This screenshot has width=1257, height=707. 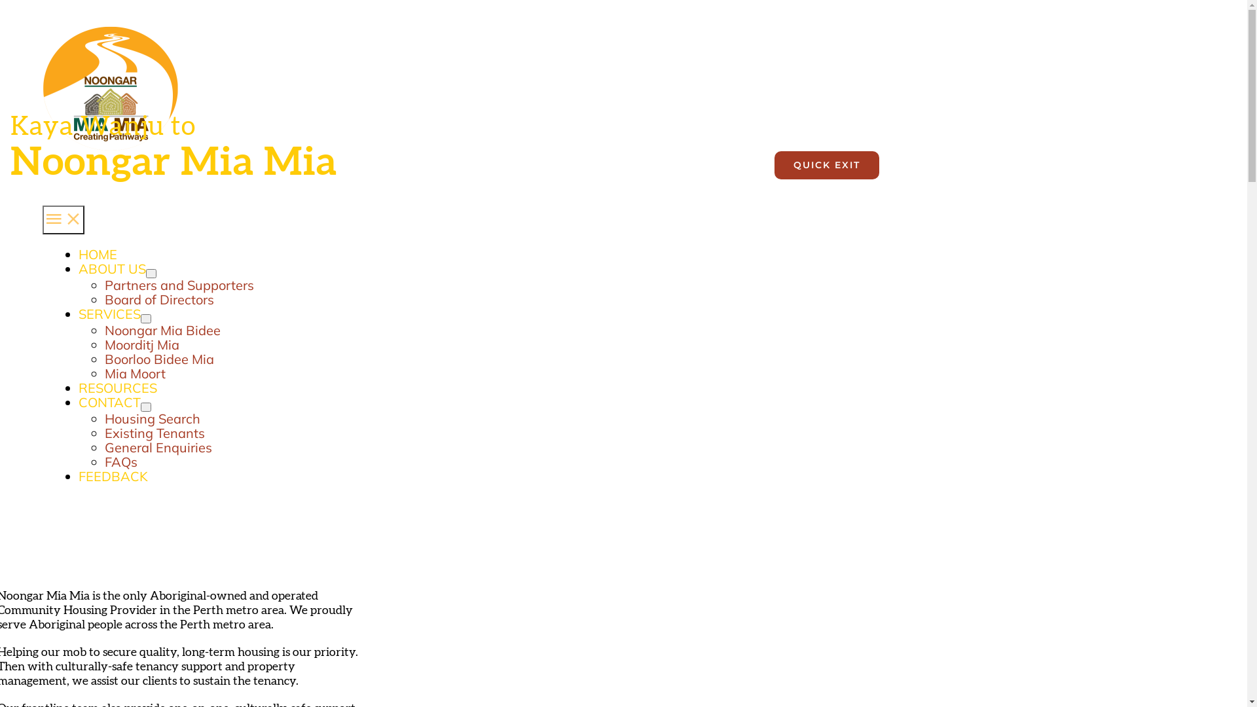 I want to click on 'General Enquiries', so click(x=157, y=446).